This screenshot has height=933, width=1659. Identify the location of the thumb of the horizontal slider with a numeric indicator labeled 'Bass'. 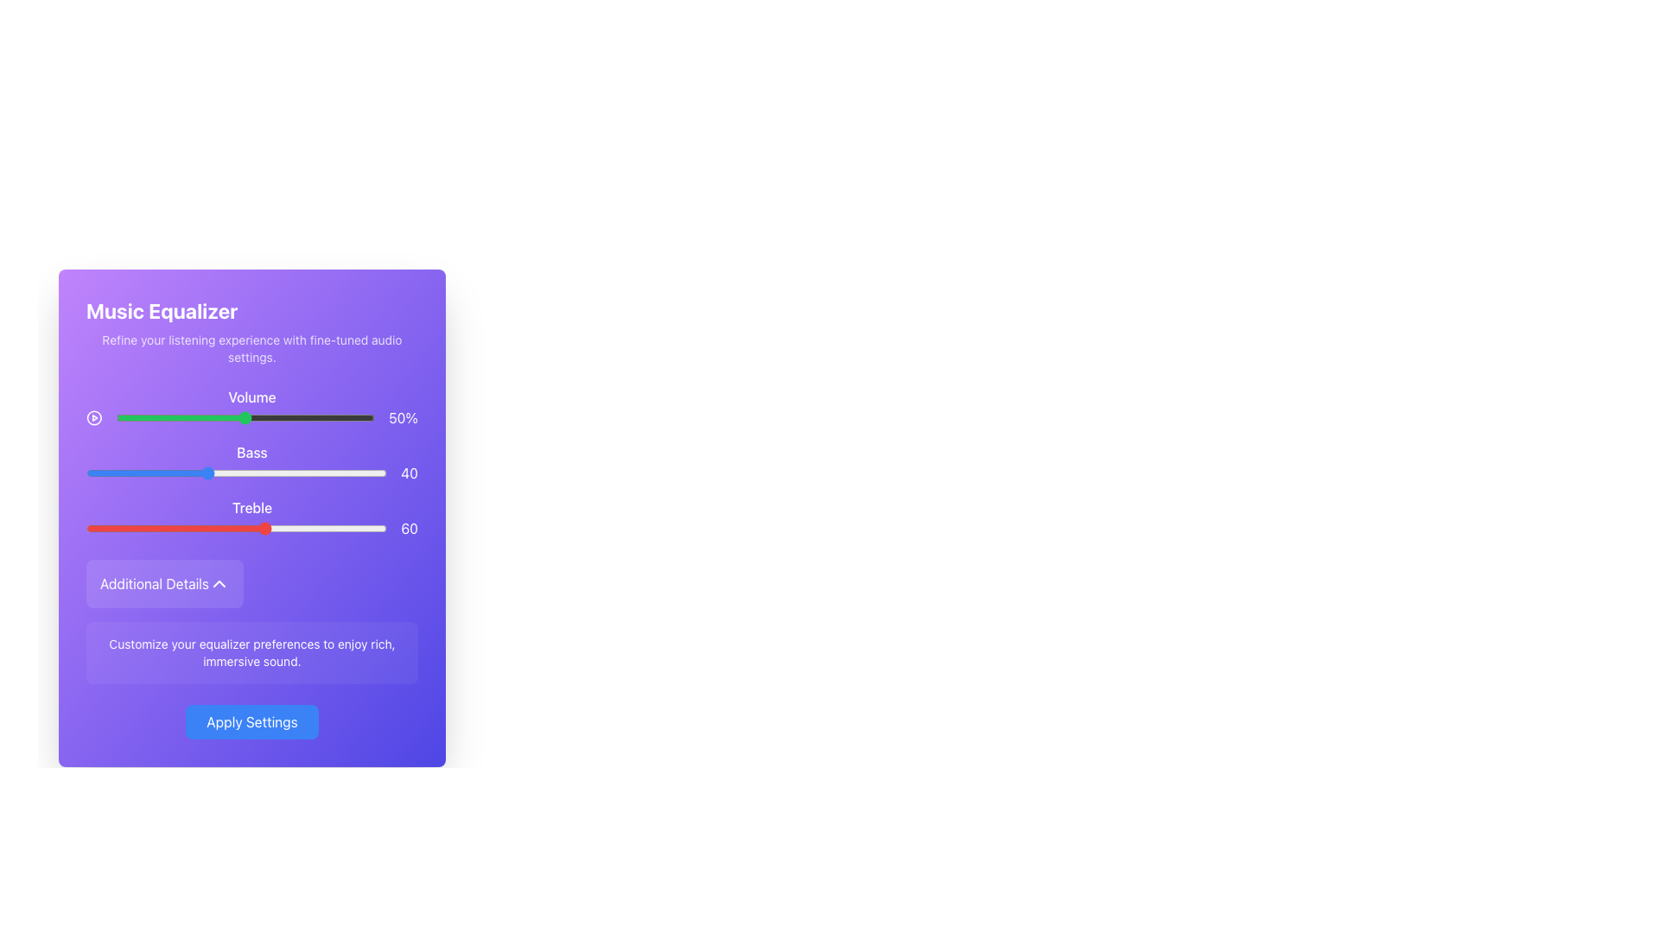
(251, 473).